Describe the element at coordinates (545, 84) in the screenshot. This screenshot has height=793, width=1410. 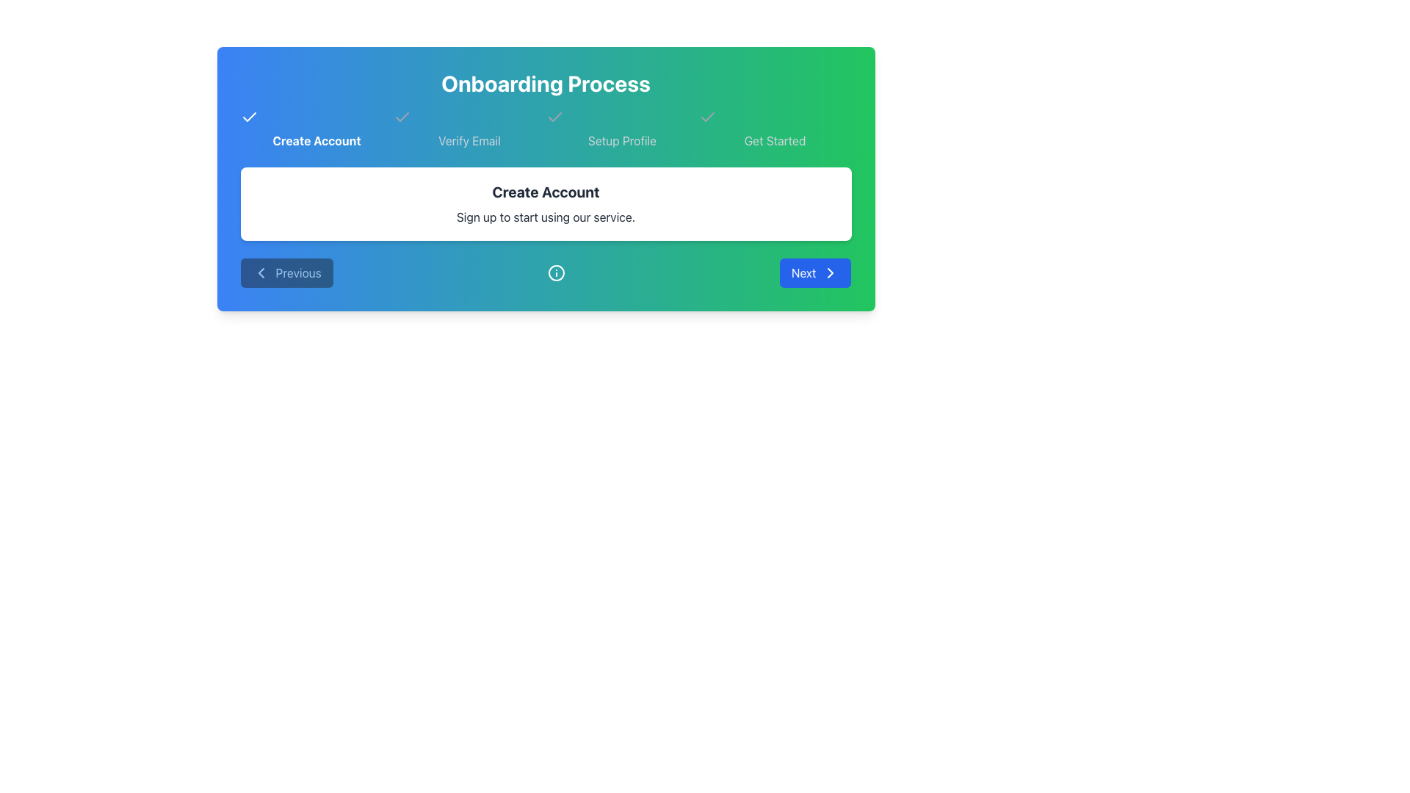
I see `title text element located at the center of the top section of the onboarding interface, which provides context about the current workflow` at that location.